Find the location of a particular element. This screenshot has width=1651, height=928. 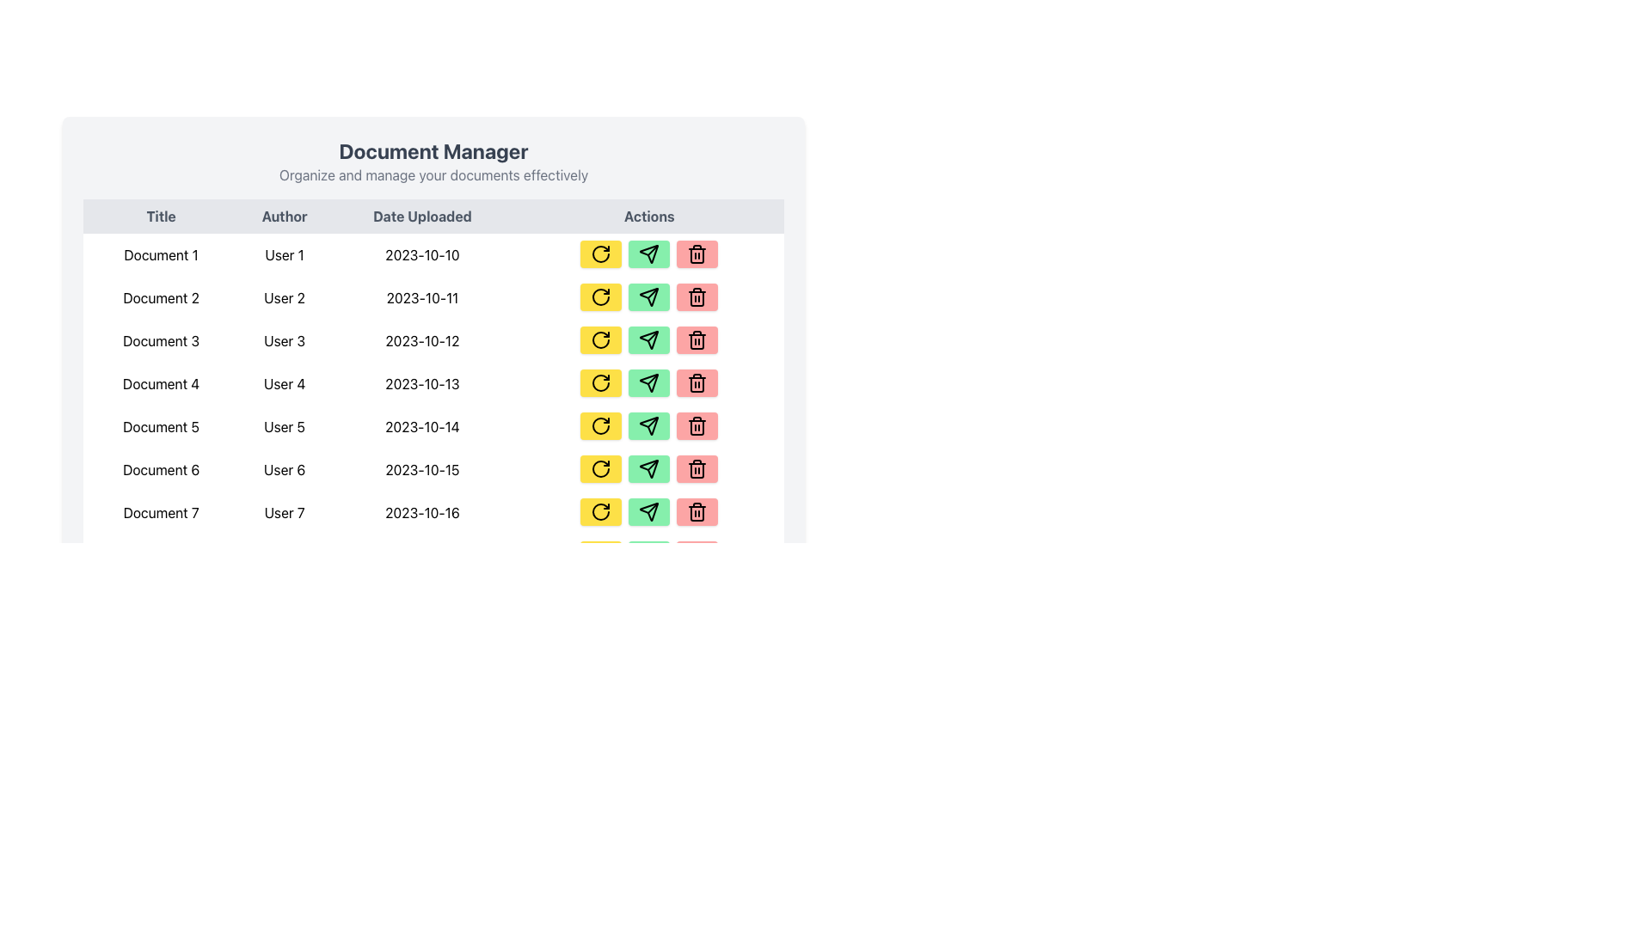

the text element displaying the title 'Document 3' located in the third row under the 'Title' column of the 'Document Manager' table is located at coordinates (161, 341).